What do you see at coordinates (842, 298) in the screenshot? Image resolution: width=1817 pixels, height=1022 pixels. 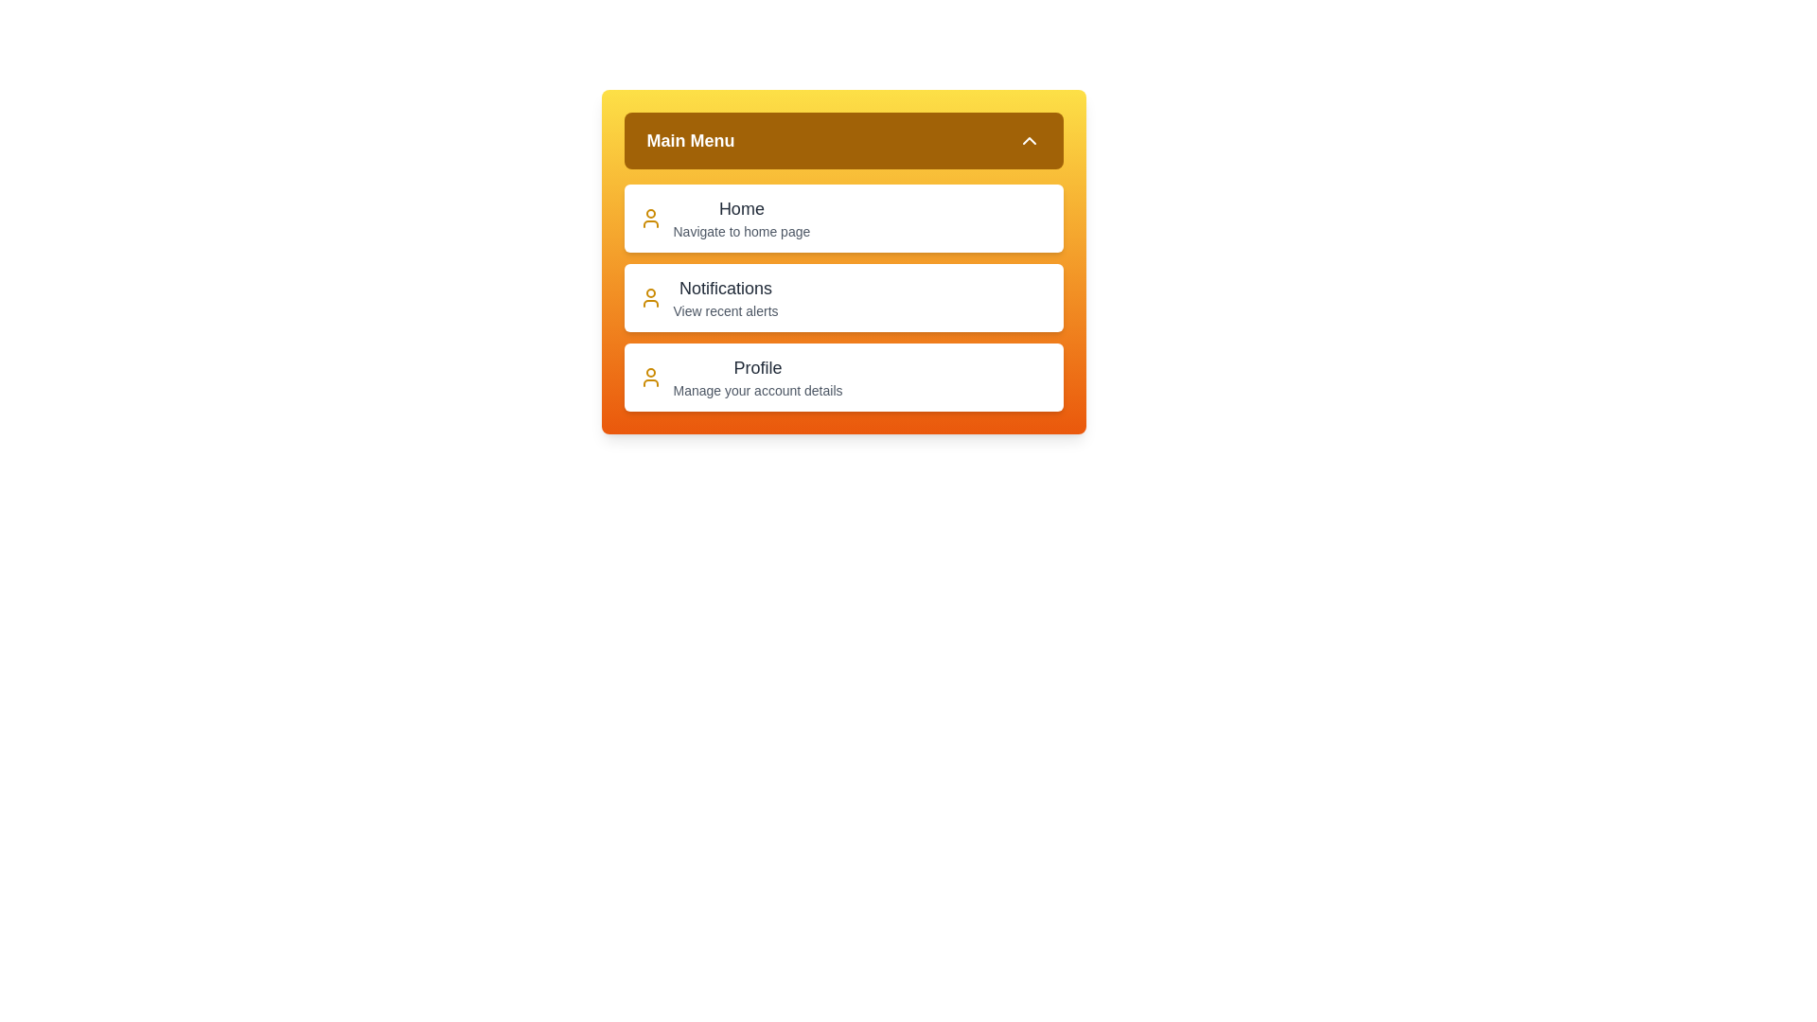 I see `the menu item Notifications to view its hover effect` at bounding box center [842, 298].